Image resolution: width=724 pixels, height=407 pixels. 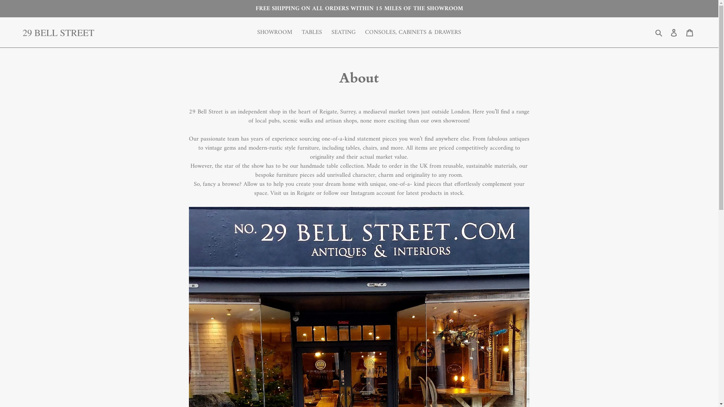 I want to click on 'TABLES', so click(x=311, y=32).